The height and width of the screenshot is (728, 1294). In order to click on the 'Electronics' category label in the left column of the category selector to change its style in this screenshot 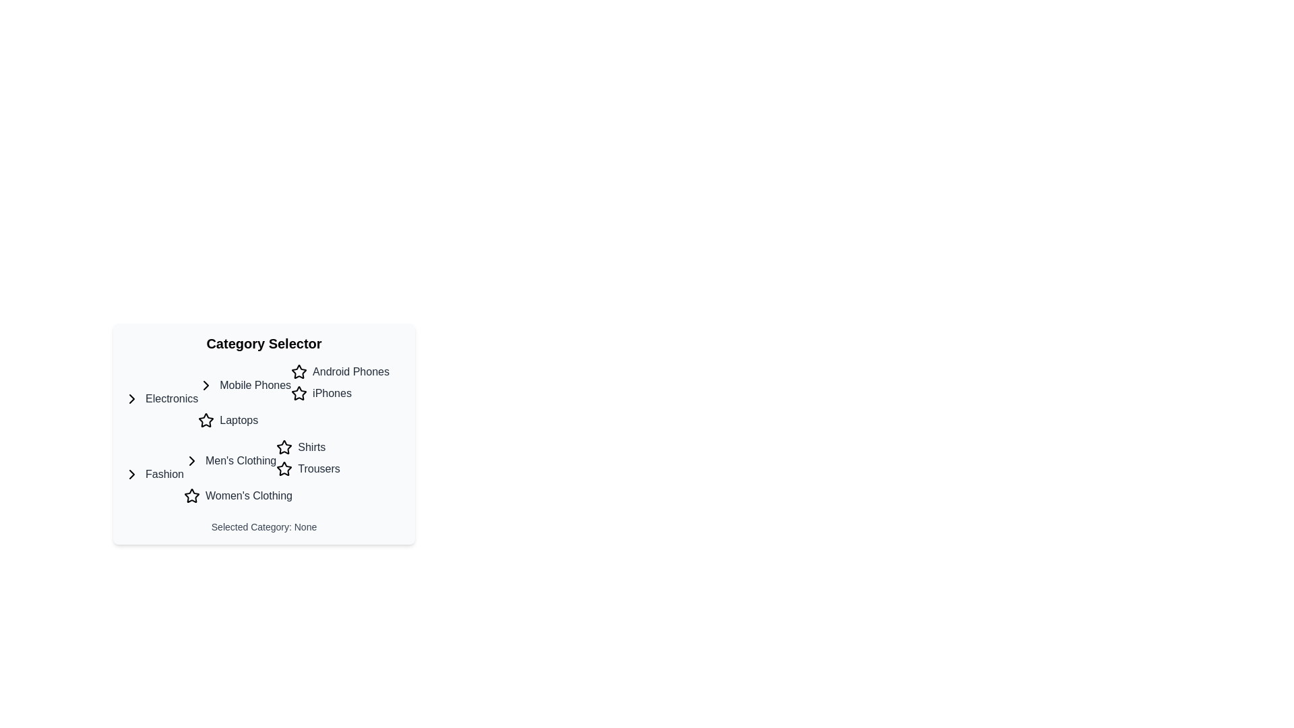, I will do `click(171, 398)`.